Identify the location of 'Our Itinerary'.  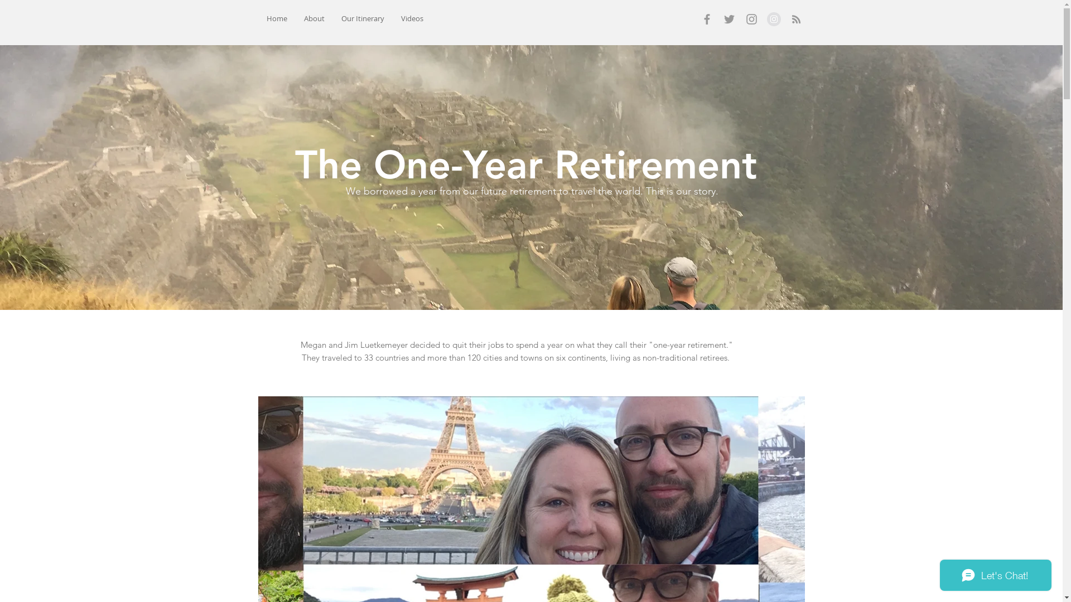
(362, 18).